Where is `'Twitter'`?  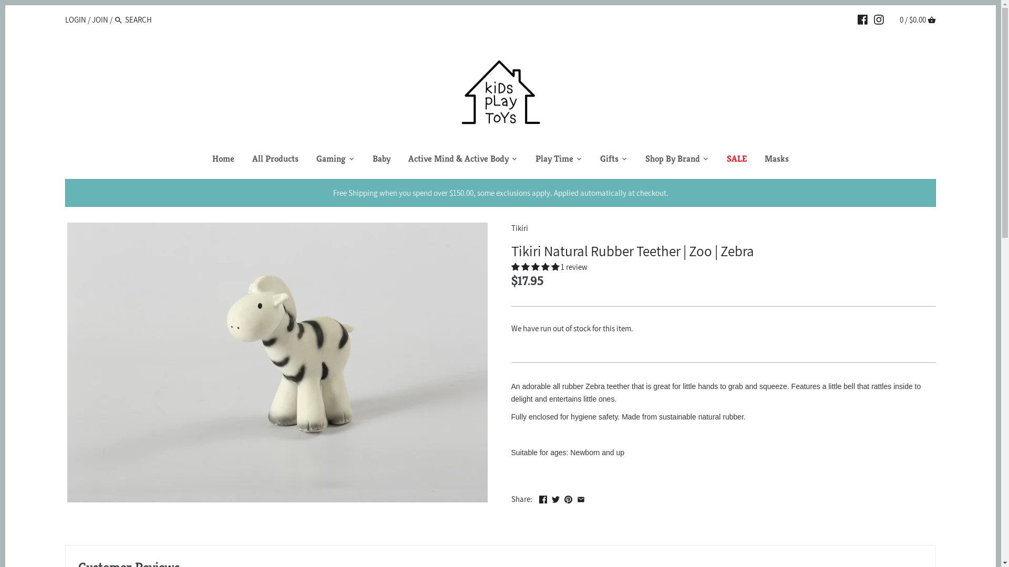 'Twitter' is located at coordinates (555, 497).